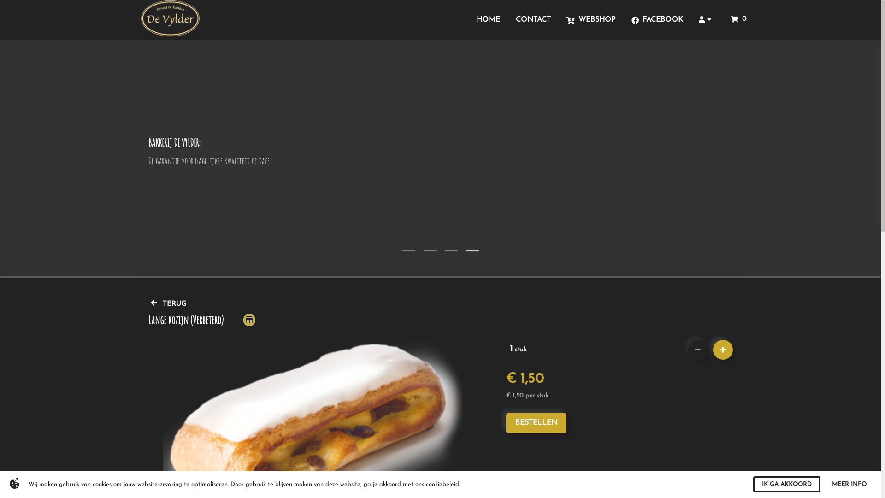 This screenshot has height=498, width=885. Describe the element at coordinates (802, 484) in the screenshot. I see `'I AGREE'` at that location.